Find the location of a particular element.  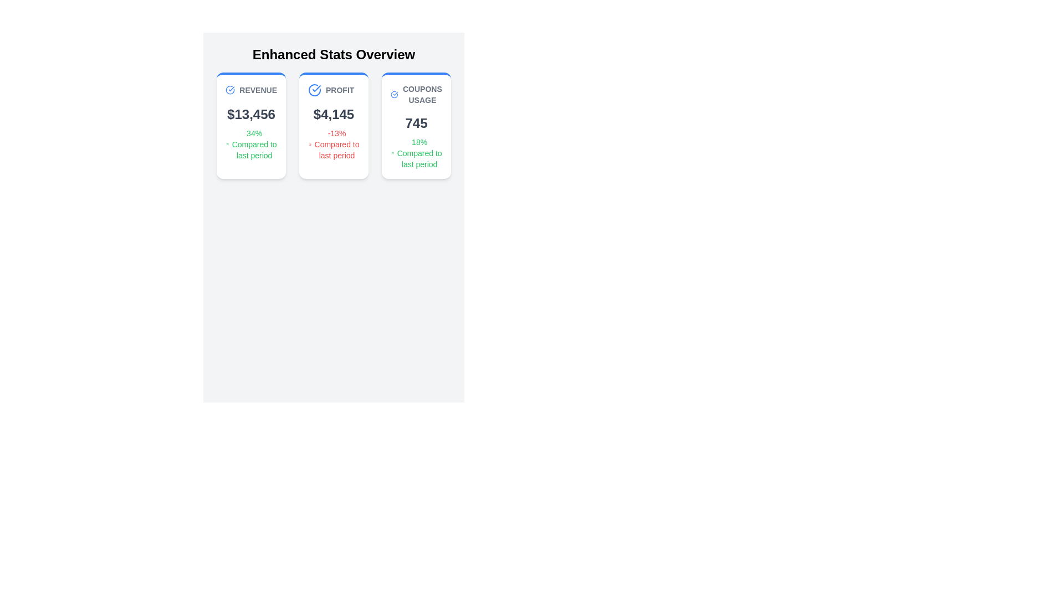

text label titled 'Coupons Usage' located at the top of the rightmost card, which categorizes the associated data below is located at coordinates (422, 94).